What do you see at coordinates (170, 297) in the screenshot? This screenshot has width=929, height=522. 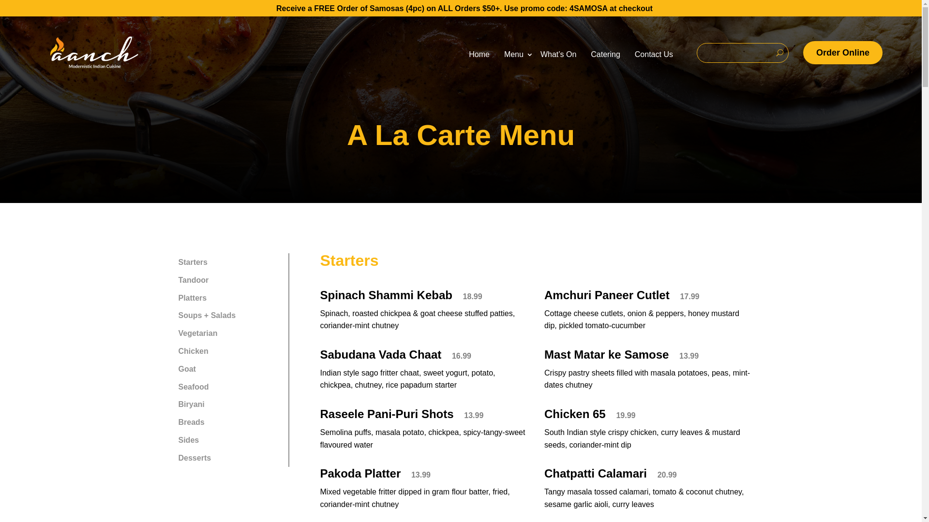 I see `'Platters'` at bounding box center [170, 297].